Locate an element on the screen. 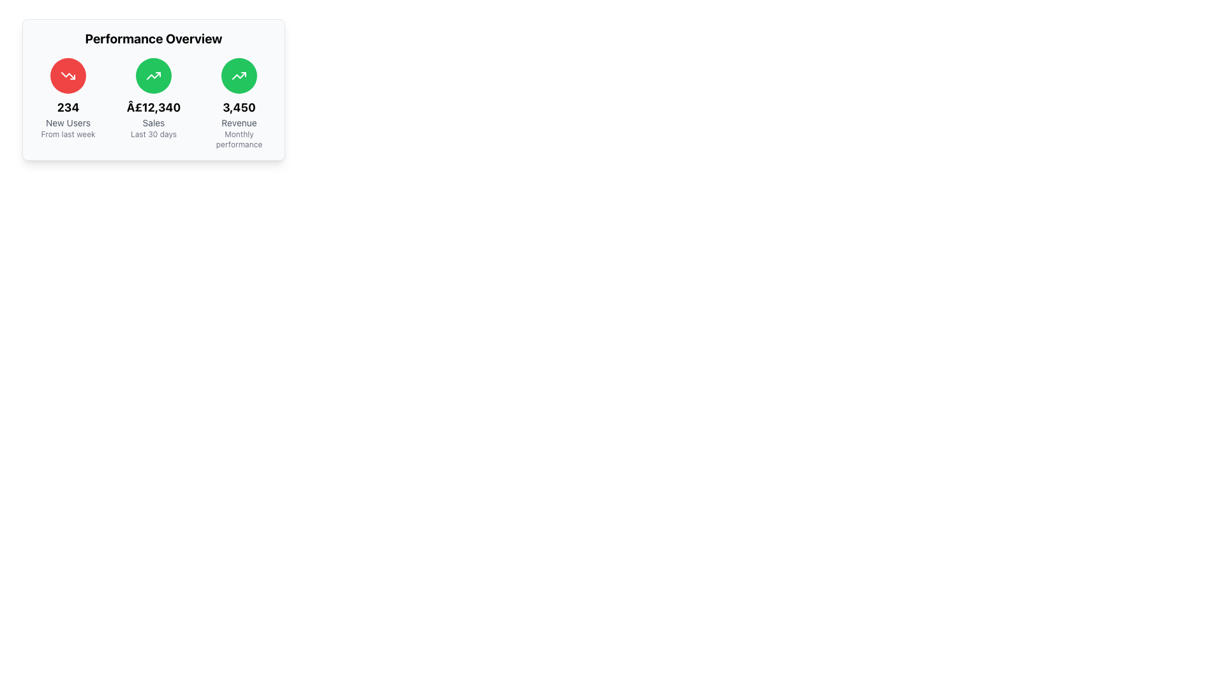  properties of the SVG graphical component (polyline) that visually represents an upward trend in performance metrics, located within the green circle on the right of the three performance indicators is located at coordinates (153, 76).